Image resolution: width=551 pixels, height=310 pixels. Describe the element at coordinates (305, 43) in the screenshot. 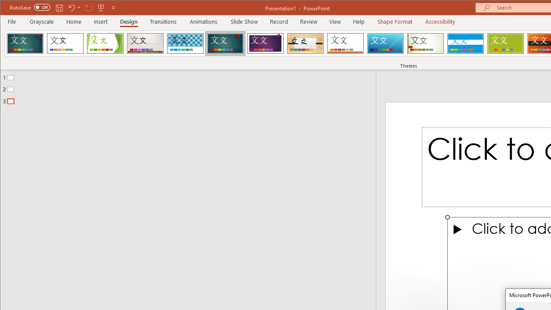

I see `'Organic'` at that location.